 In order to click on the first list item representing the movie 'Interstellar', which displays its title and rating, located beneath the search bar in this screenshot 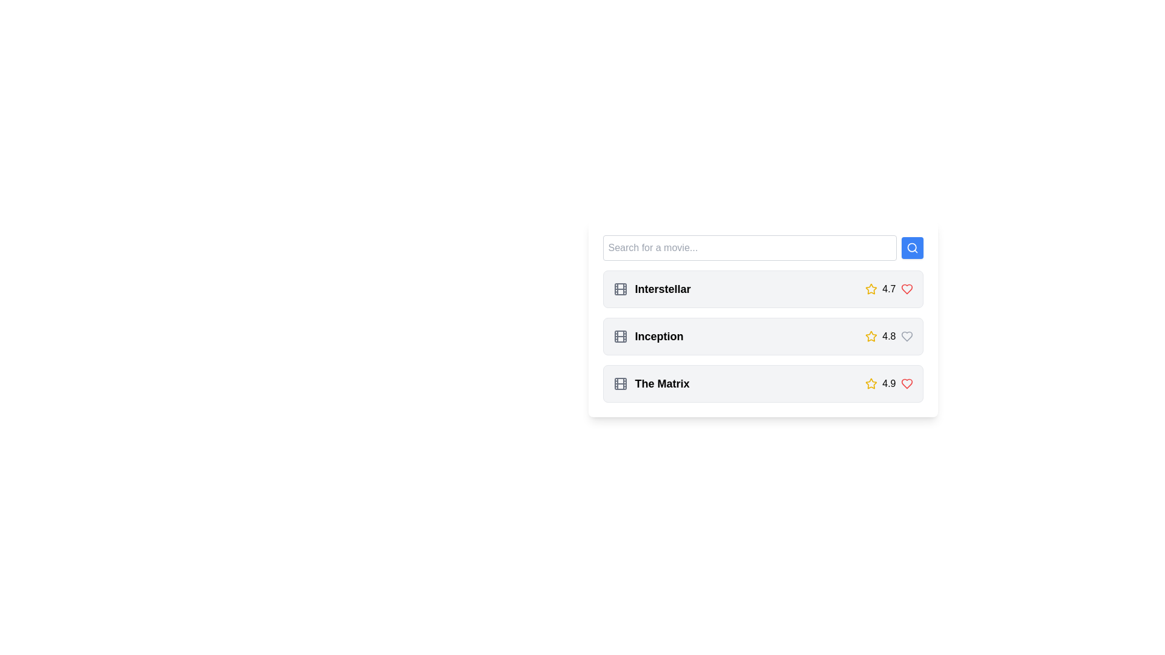, I will do `click(762, 289)`.